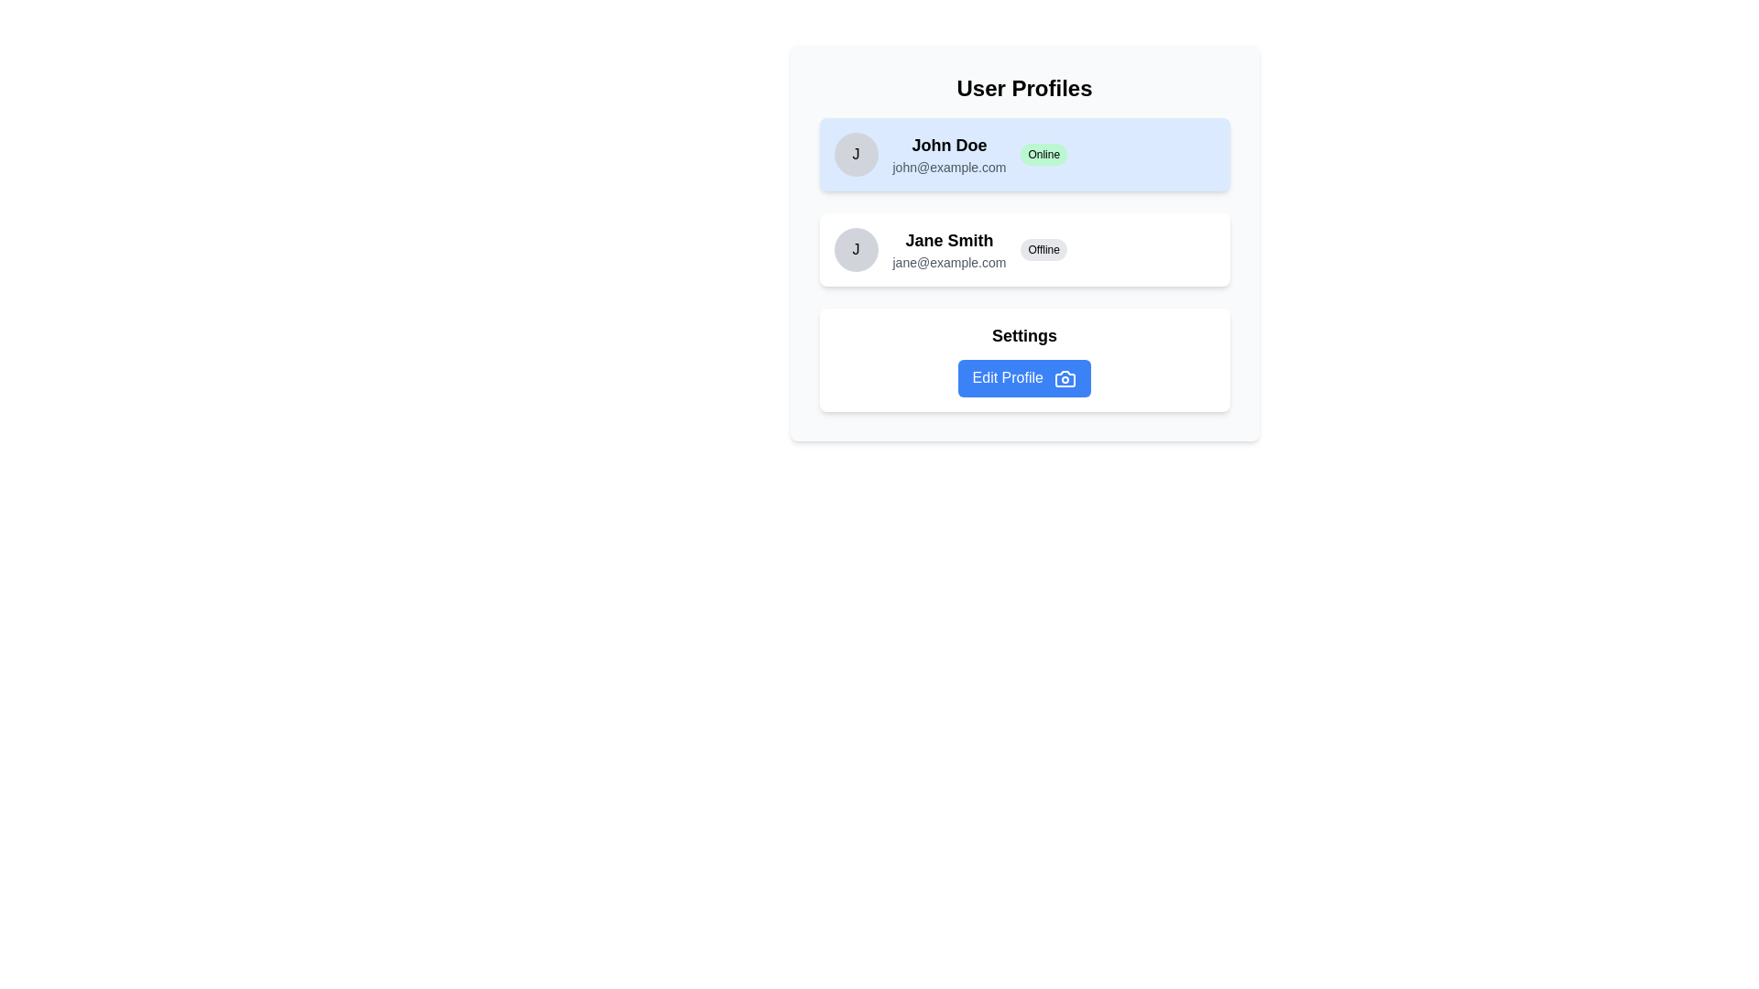 The image size is (1759, 989). What do you see at coordinates (1043, 250) in the screenshot?
I see `the static label displaying the offline status for user 'Jane Smith', located adjacent to the email address 'jane@example.com'` at bounding box center [1043, 250].